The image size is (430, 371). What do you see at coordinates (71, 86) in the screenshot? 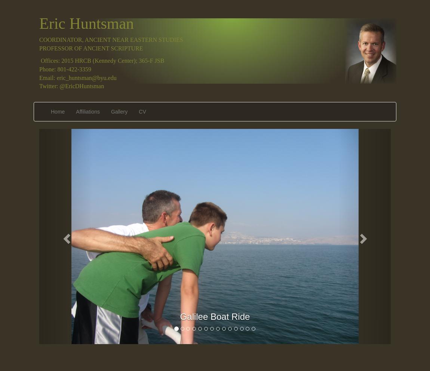
I see `'Twitter: @EricDHuntsman'` at bounding box center [71, 86].